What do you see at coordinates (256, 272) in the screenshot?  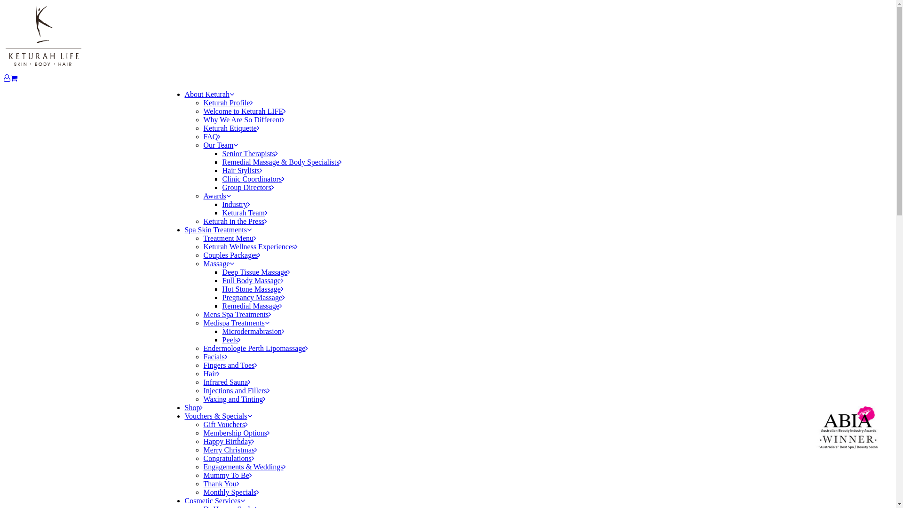 I see `'Deep Tissue Massage'` at bounding box center [256, 272].